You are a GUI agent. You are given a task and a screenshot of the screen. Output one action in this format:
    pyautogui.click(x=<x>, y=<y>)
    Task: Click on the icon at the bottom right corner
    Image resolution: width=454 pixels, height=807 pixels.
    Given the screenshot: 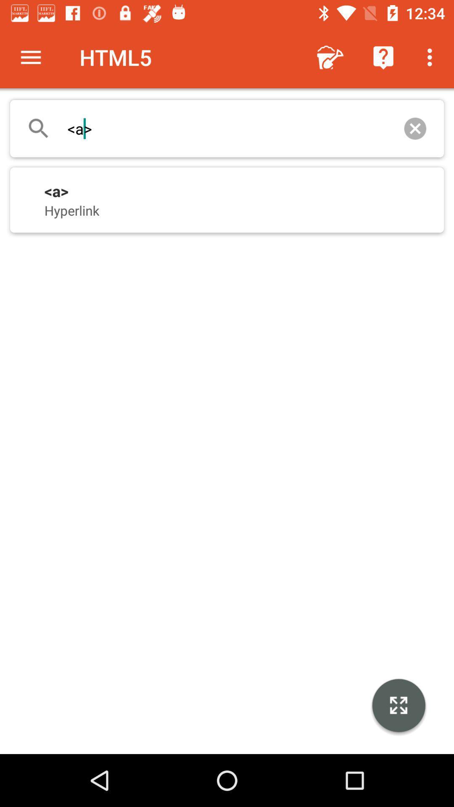 What is the action you would take?
    pyautogui.click(x=398, y=706)
    